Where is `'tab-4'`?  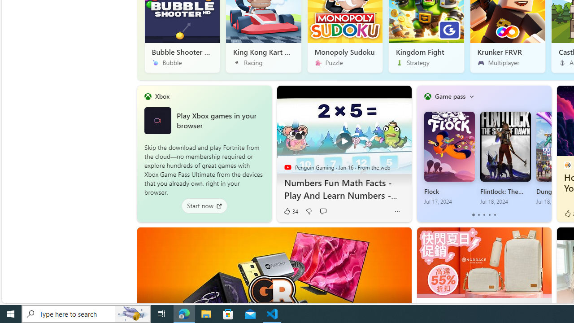
'tab-4' is located at coordinates (494, 215).